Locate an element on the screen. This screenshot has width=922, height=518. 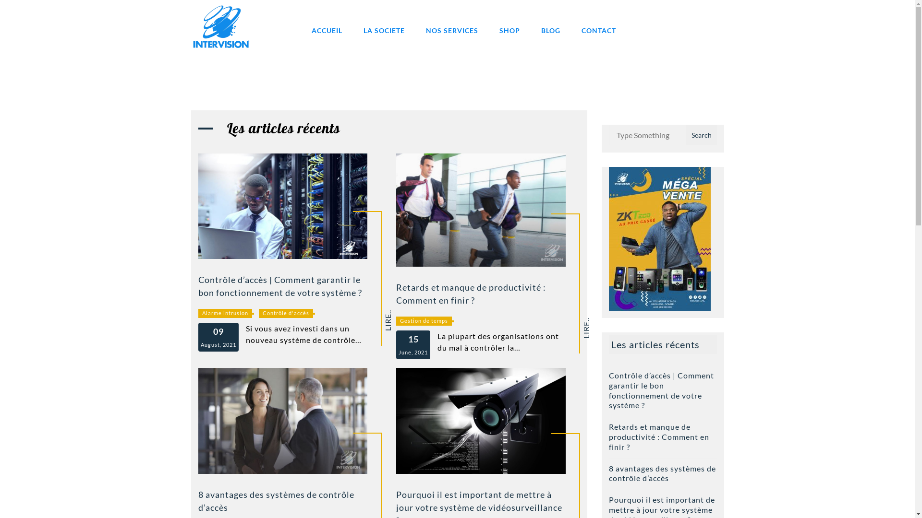
'LA SOCIETE' is located at coordinates (352, 30).